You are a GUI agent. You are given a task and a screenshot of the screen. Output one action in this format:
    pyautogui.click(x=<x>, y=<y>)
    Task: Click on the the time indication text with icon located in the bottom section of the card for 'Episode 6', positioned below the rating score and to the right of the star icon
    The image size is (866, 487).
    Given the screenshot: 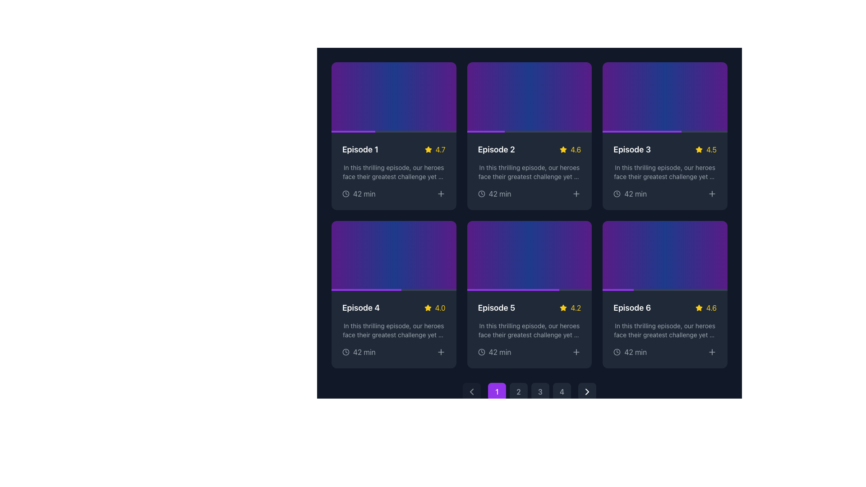 What is the action you would take?
    pyautogui.click(x=630, y=352)
    